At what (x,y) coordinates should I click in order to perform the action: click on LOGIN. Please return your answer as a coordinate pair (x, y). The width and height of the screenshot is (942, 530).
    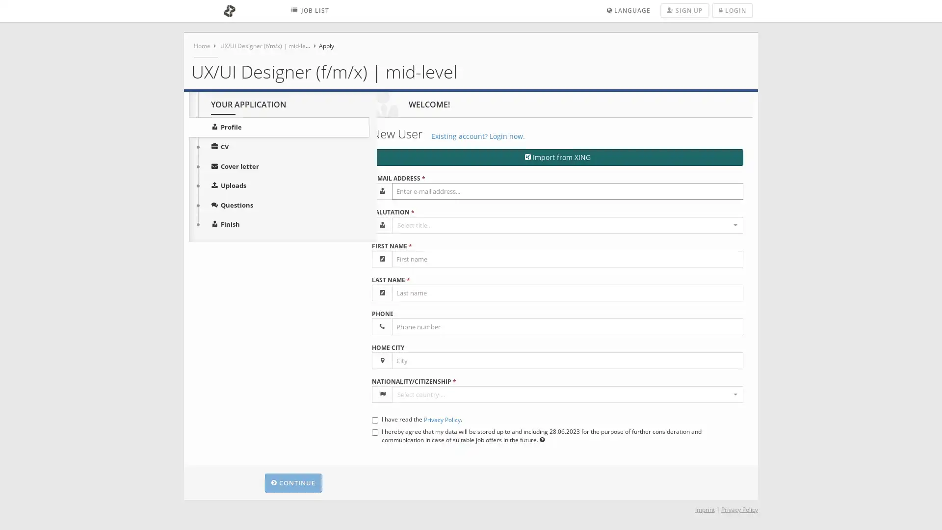
    Looking at the image, I should click on (732, 10).